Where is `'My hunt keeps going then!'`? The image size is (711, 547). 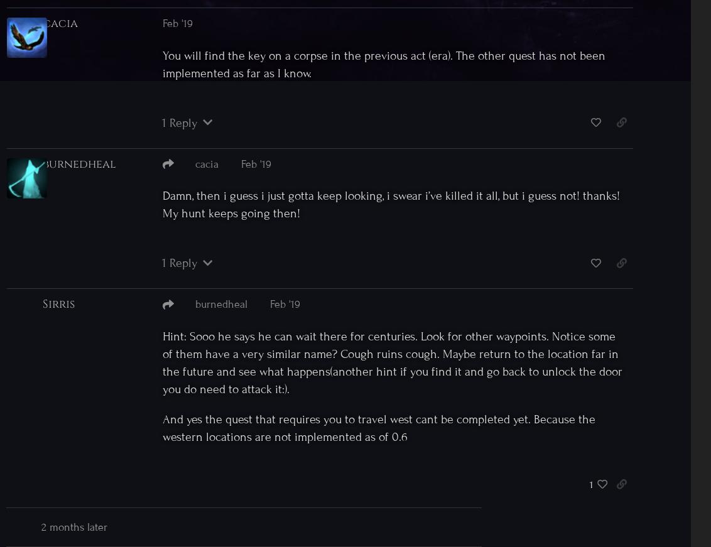
'My hunt keeps going then!' is located at coordinates (163, 212).